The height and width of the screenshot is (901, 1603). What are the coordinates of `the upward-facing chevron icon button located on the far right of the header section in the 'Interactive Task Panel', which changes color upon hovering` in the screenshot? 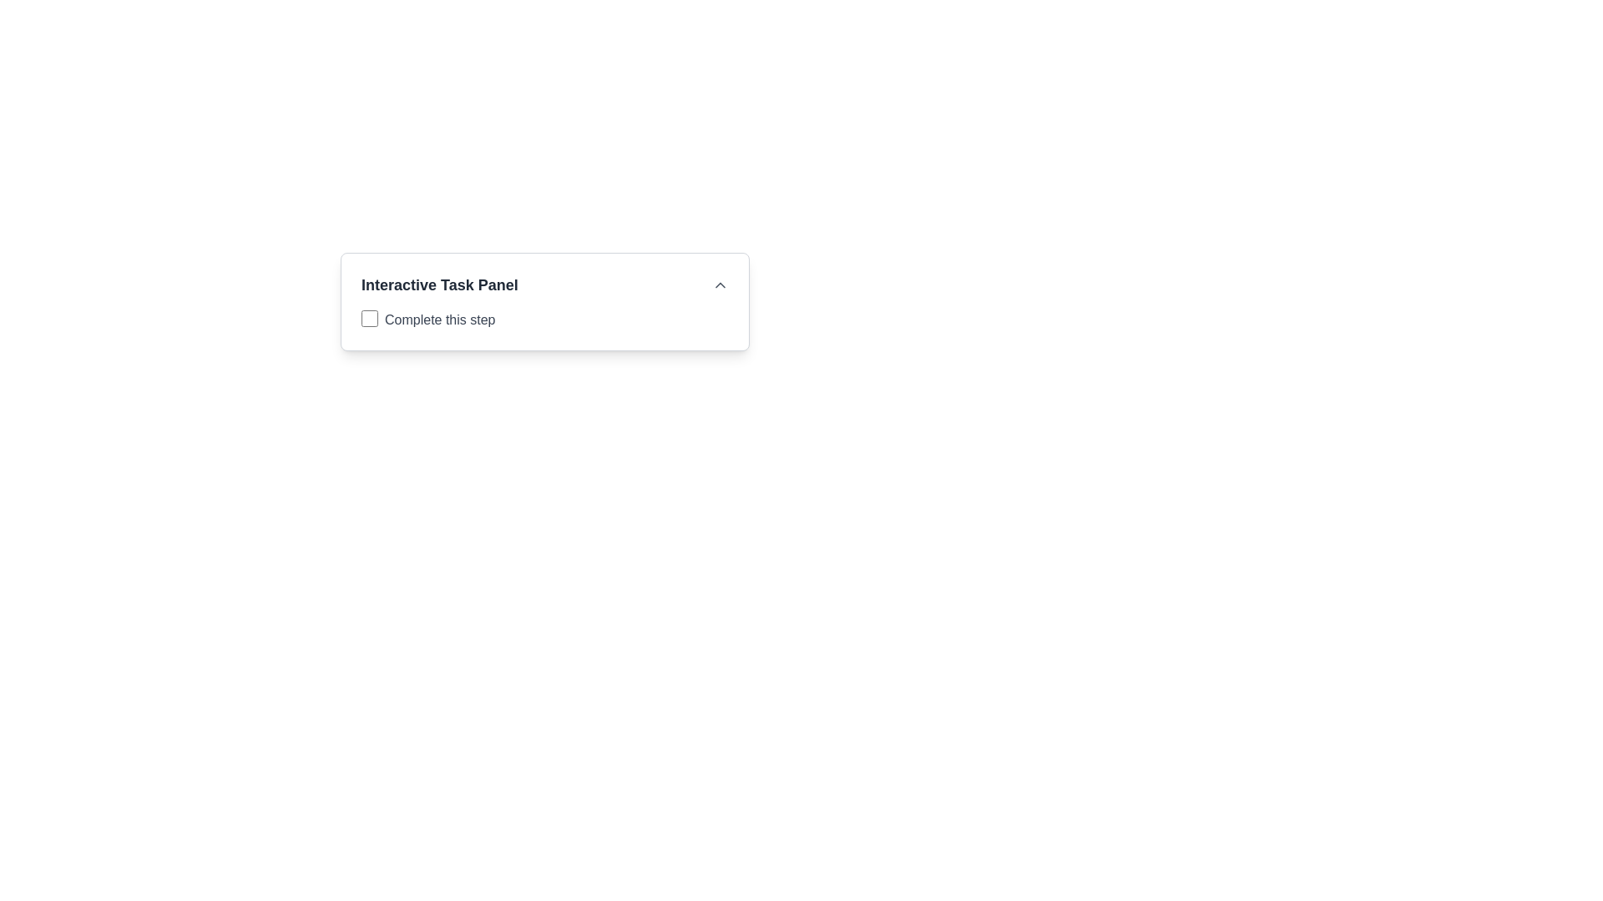 It's located at (721, 284).